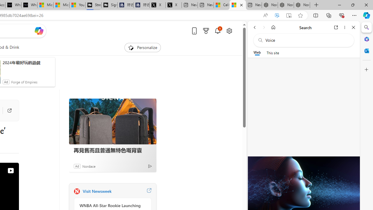 The width and height of the screenshot is (373, 210). Describe the element at coordinates (316, 5) in the screenshot. I see `'New Tab'` at that location.